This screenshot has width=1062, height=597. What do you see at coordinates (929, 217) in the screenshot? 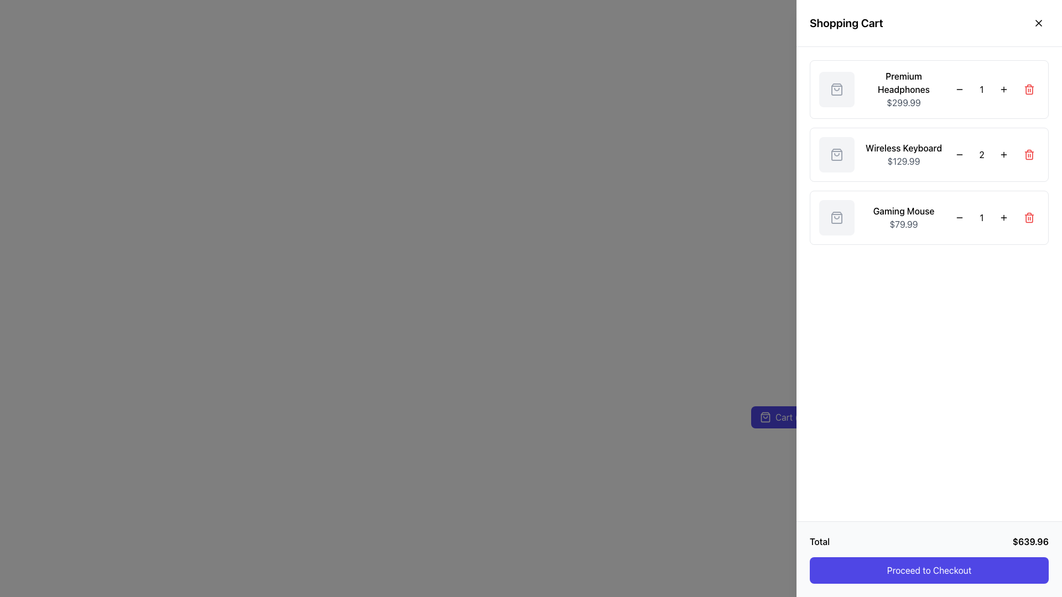
I see `the 'Gaming Mouse' cart item in the shopping cart interface` at bounding box center [929, 217].